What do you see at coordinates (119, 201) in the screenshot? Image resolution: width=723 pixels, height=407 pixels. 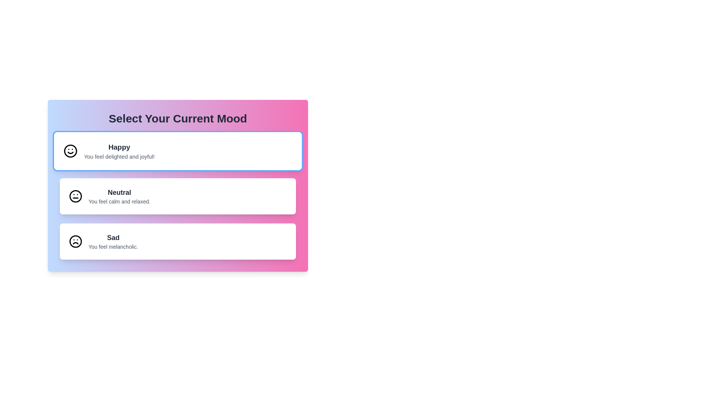 I see `the text node displaying the phrase 'You feel calm and relaxed.' which is a subordinate description under the title 'Neutral'` at bounding box center [119, 201].